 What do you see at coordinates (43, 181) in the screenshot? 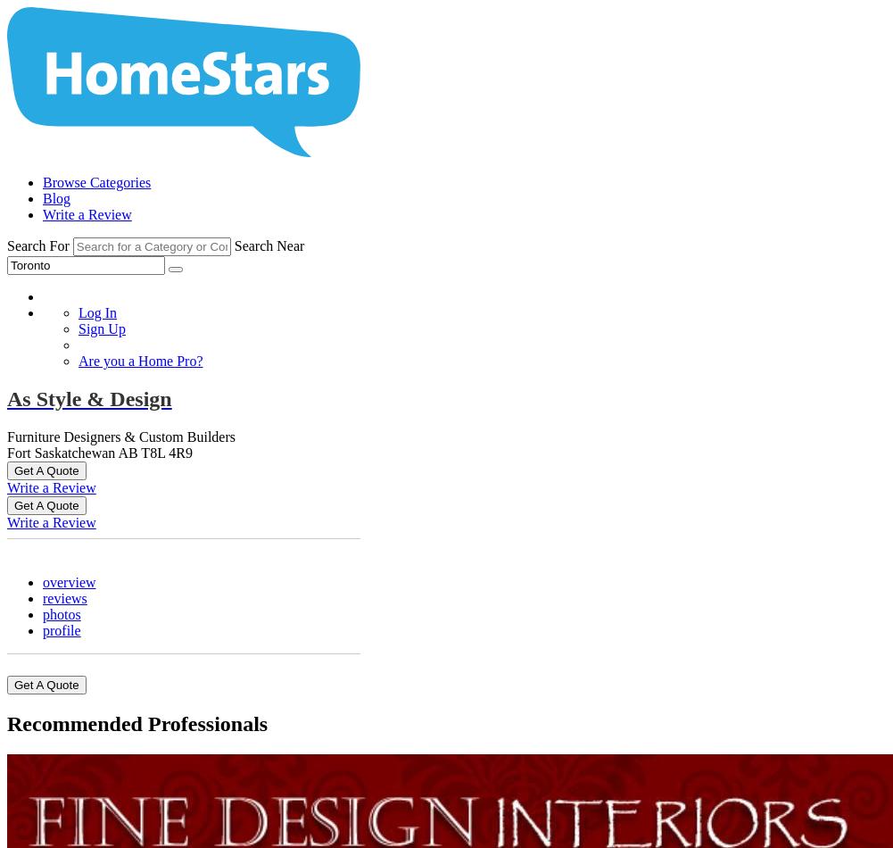
I see `'Browse Categories'` at bounding box center [43, 181].